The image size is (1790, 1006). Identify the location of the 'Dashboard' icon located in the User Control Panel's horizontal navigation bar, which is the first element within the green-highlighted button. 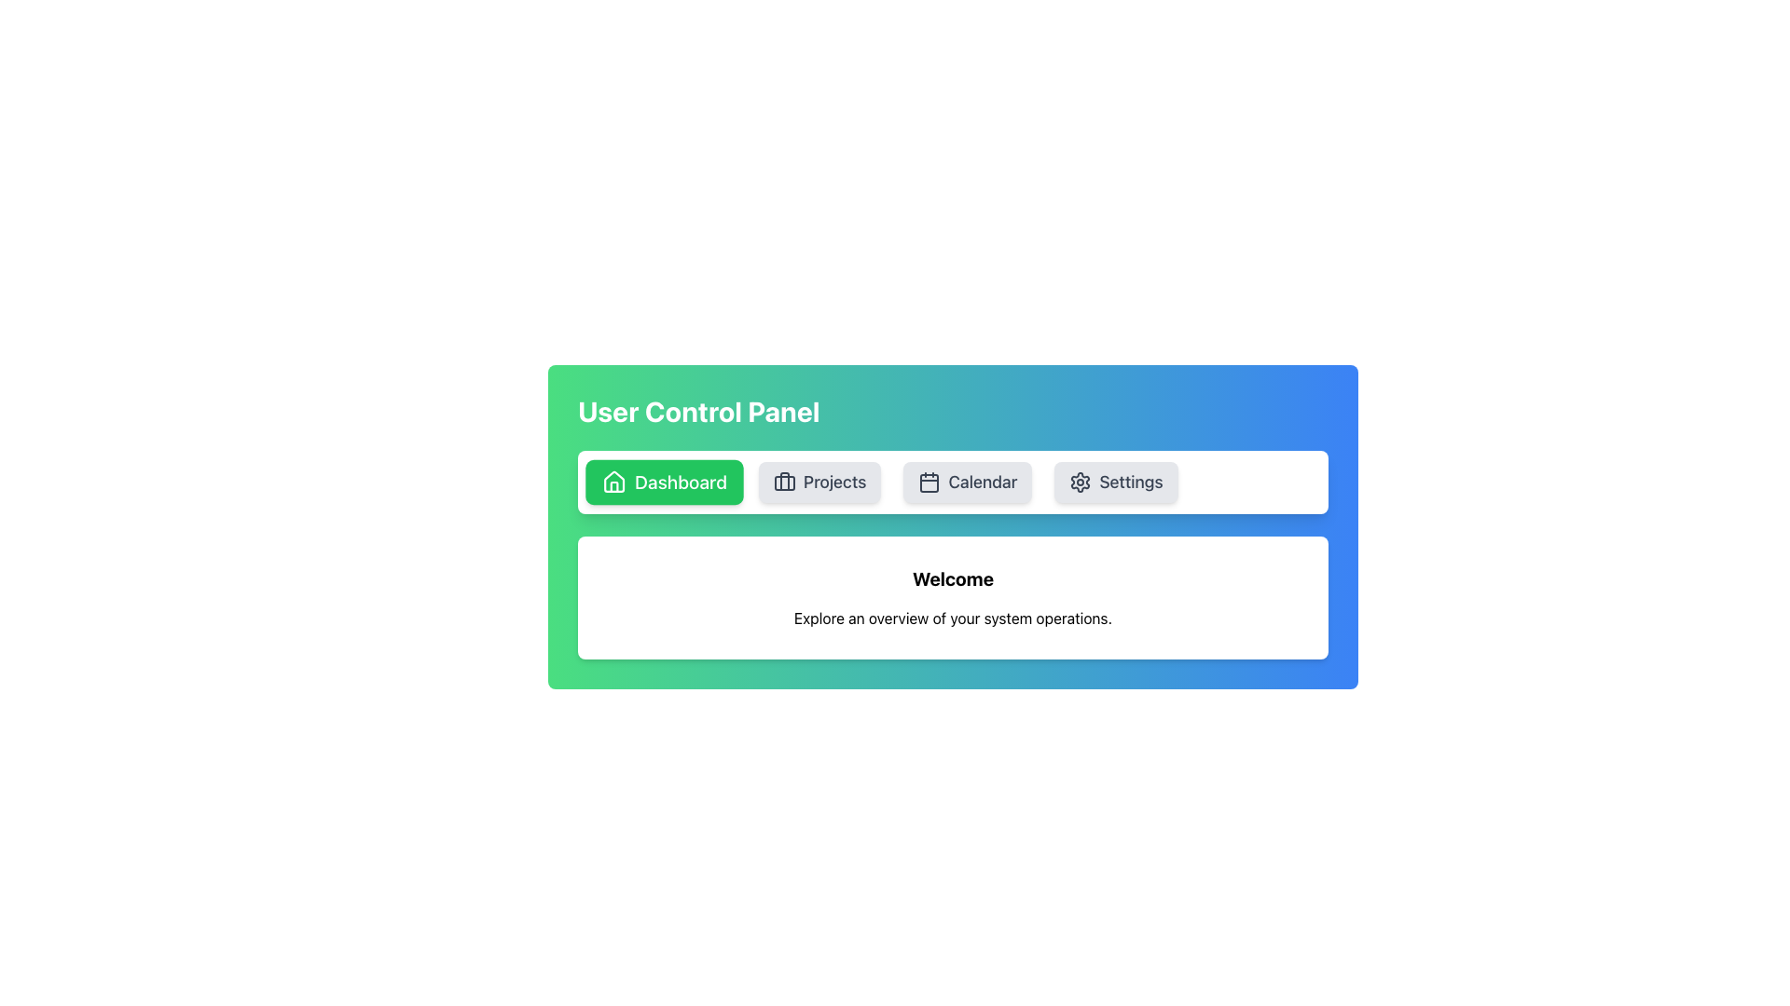
(613, 481).